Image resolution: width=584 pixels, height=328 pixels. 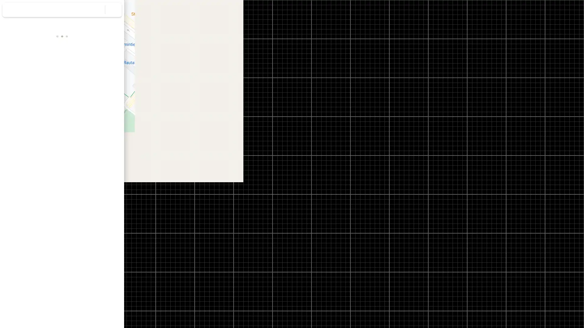 What do you see at coordinates (39, 104) in the screenshot?
I see `Save Elimaenkatu 27 in your lists` at bounding box center [39, 104].